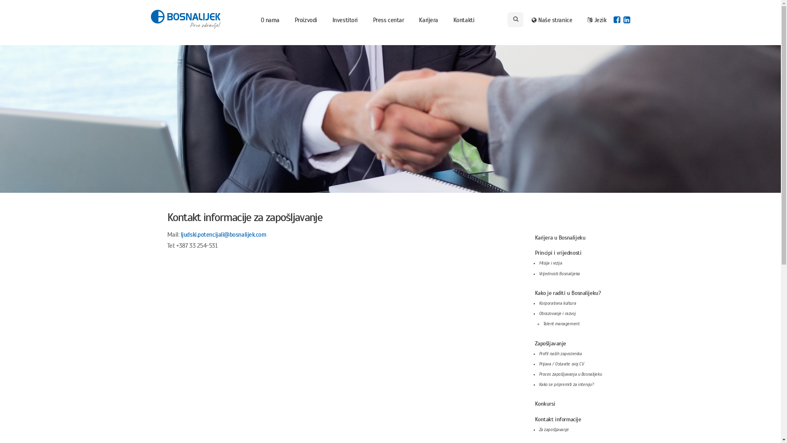 The image size is (787, 443). I want to click on 'Kontakt informacije', so click(557, 419).